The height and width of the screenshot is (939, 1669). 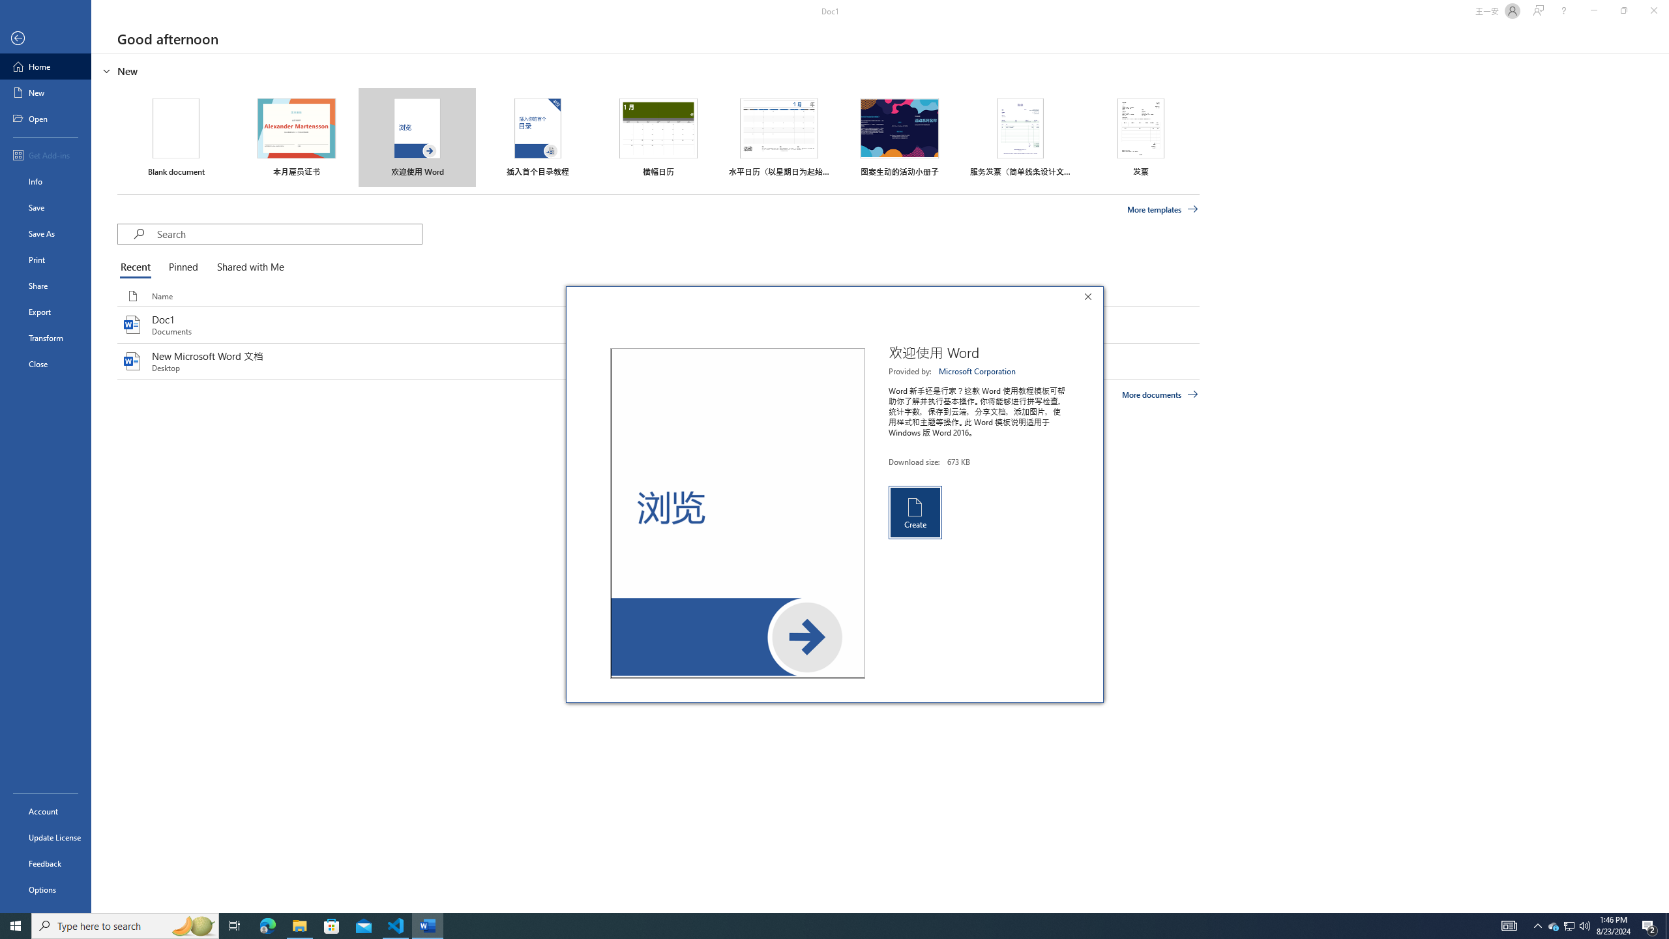 I want to click on 'Update License', so click(x=45, y=837).